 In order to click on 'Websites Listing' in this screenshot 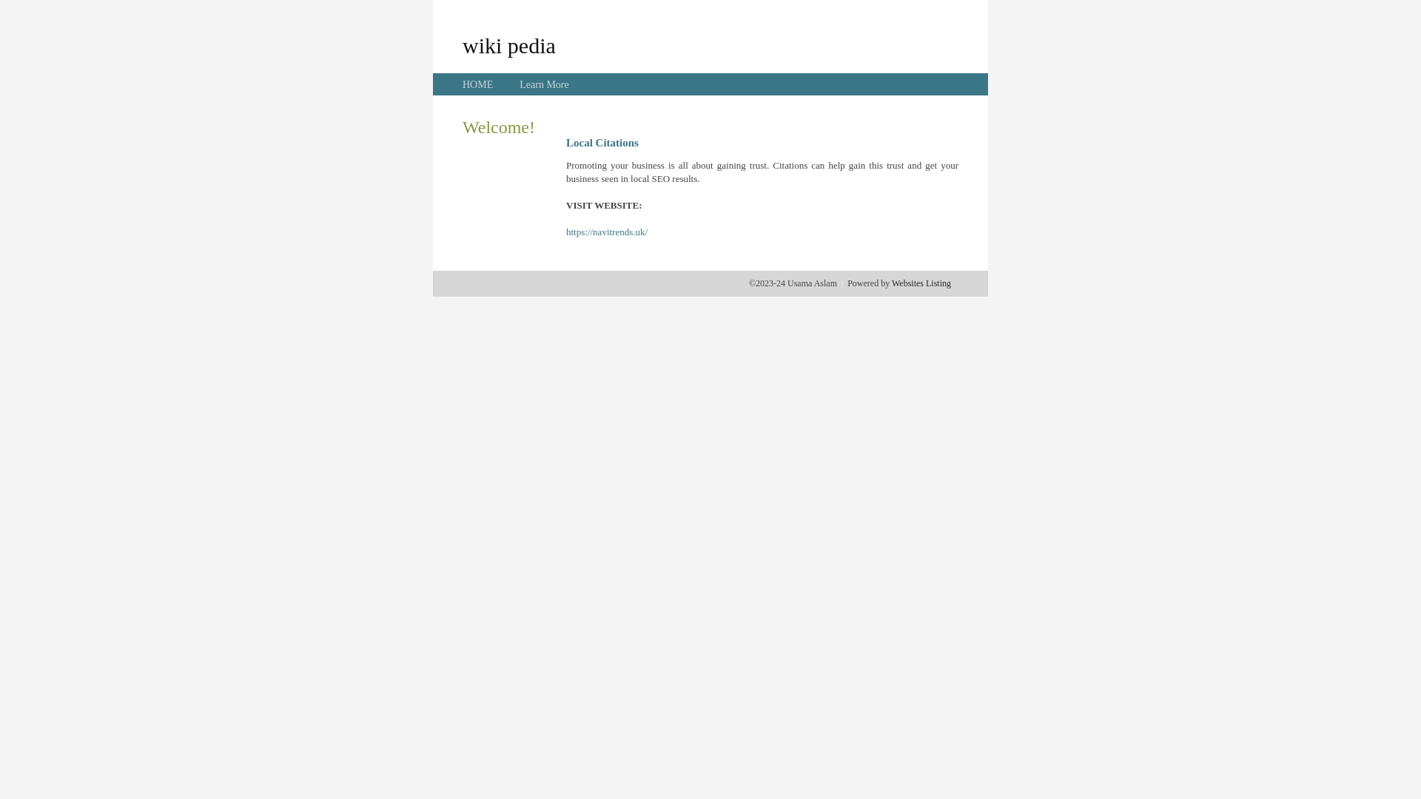, I will do `click(920, 283)`.